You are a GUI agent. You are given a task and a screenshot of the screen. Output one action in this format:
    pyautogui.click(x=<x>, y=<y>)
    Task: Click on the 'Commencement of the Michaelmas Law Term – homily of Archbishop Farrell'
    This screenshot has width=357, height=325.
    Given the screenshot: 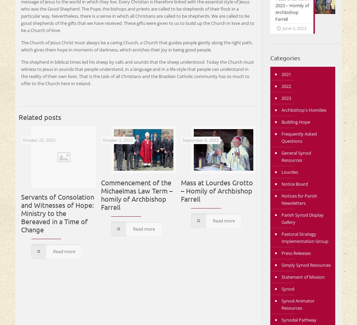 What is the action you would take?
    pyautogui.click(x=137, y=194)
    